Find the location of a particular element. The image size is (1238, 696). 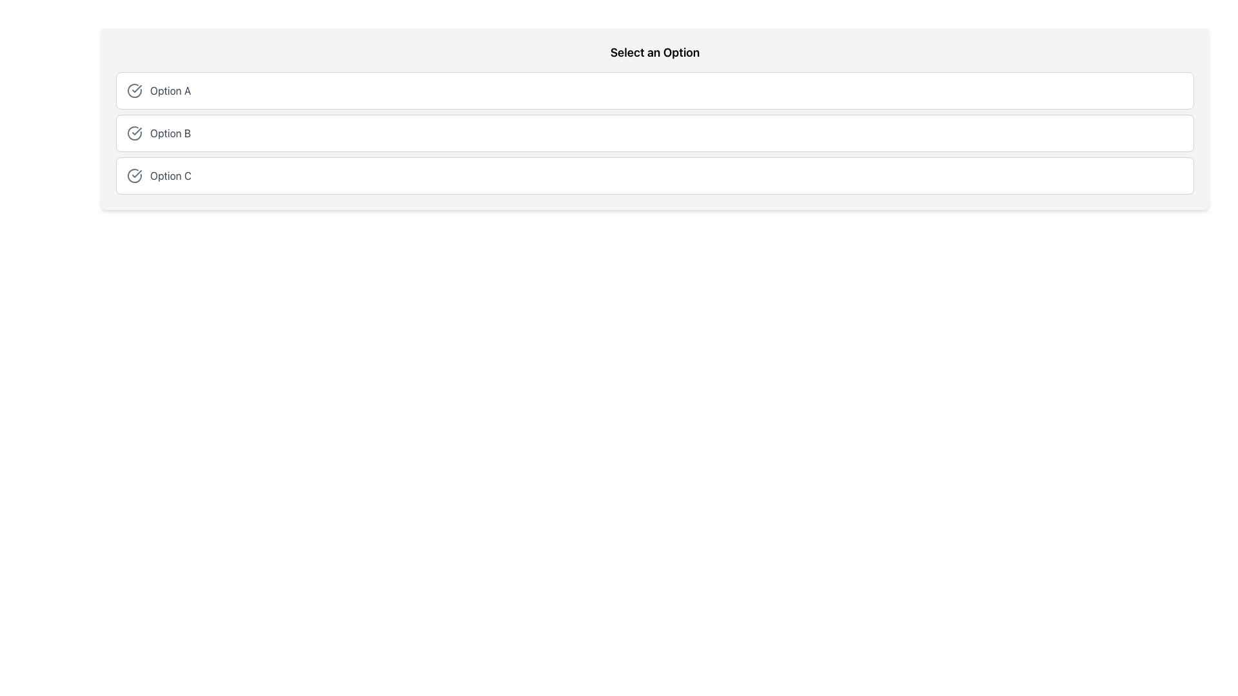

the SVG icon styled as a circle with a checkmark inside, indicating a selected state, which is positioned to the left of the text 'Option A' in the first row of options is located at coordinates (135, 90).